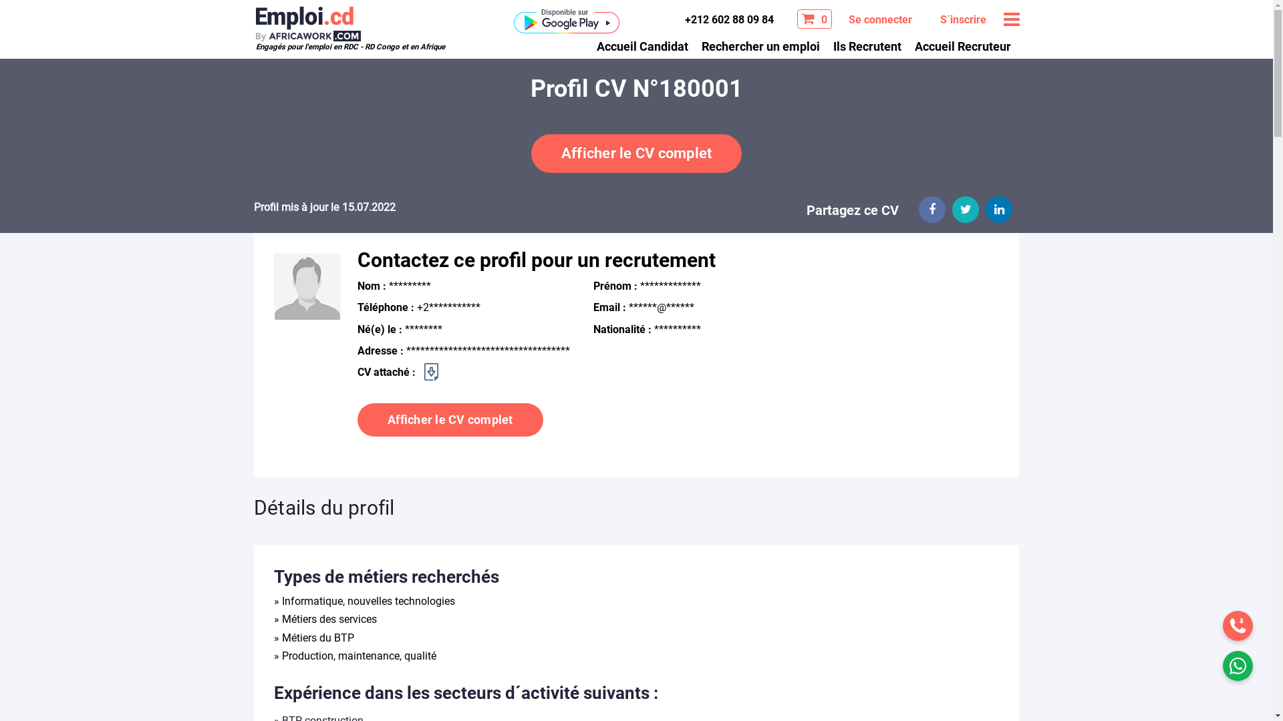 Image resolution: width=1283 pixels, height=721 pixels. I want to click on 'Rechercher un emploi', so click(760, 45).